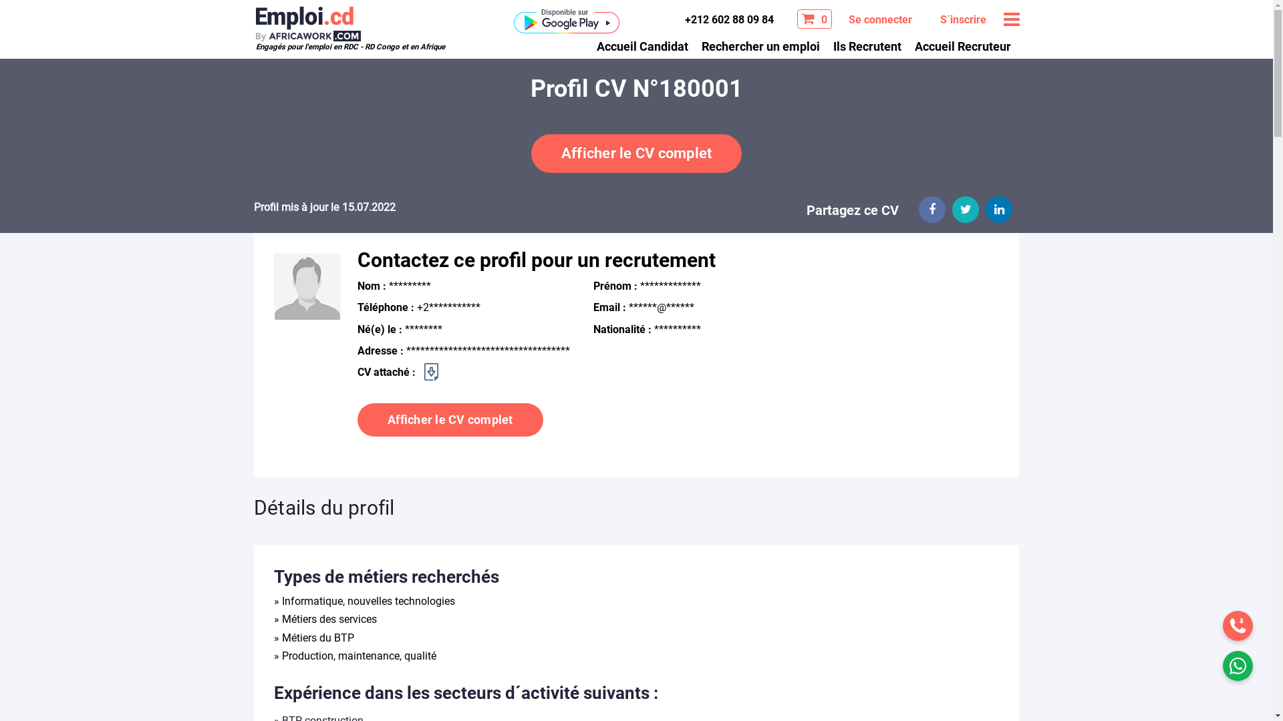 Image resolution: width=1283 pixels, height=721 pixels. I want to click on 'Rechercher un emploi', so click(760, 45).